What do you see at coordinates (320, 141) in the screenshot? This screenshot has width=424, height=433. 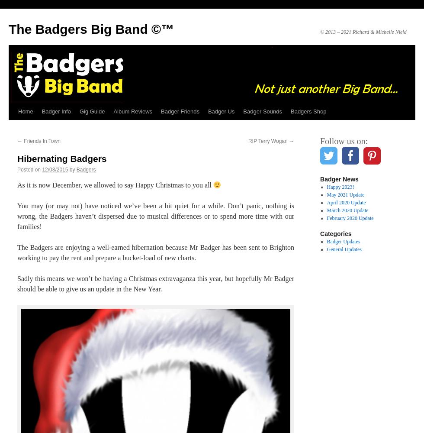 I see `'Follow us on:'` at bounding box center [320, 141].